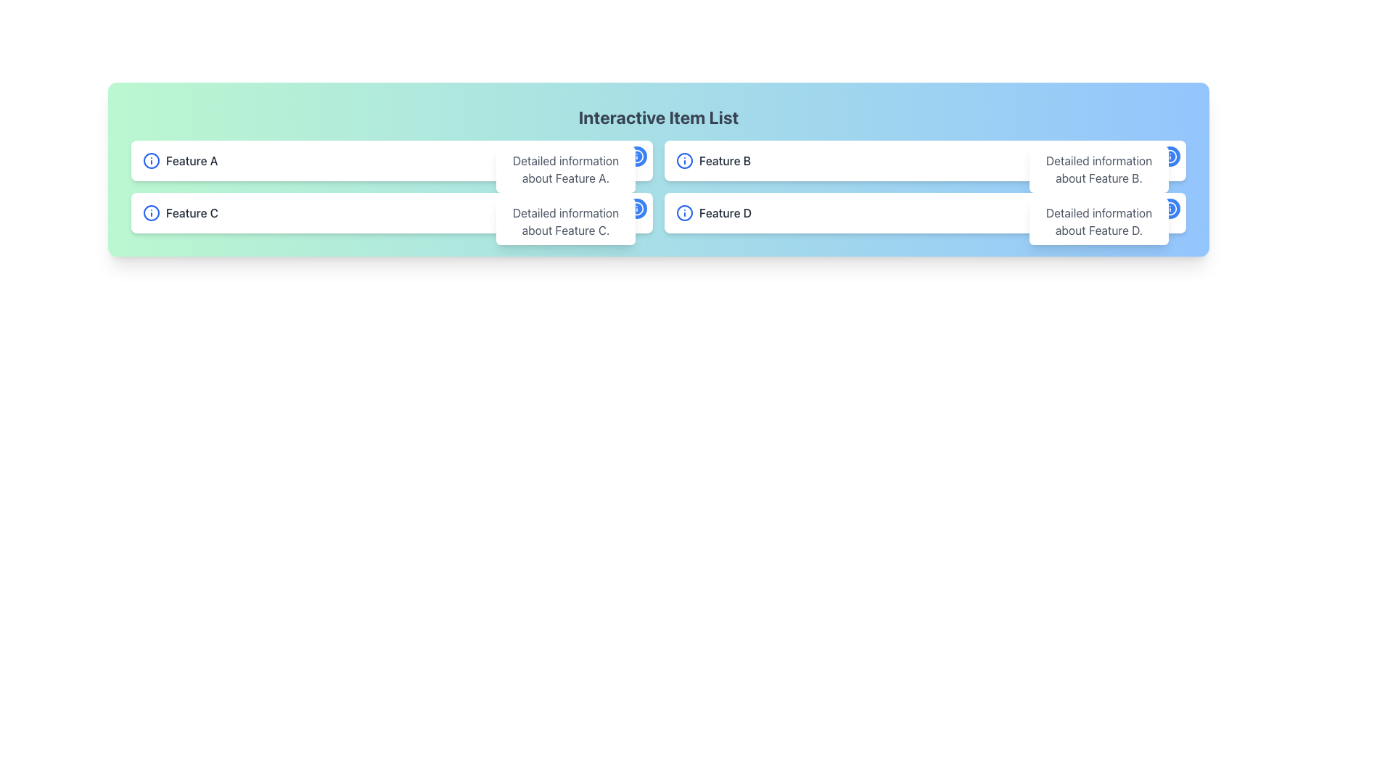  What do you see at coordinates (637, 209) in the screenshot?
I see `the circular blue button with a white info icon located in the top-right corner of the 'Feature C' panel` at bounding box center [637, 209].